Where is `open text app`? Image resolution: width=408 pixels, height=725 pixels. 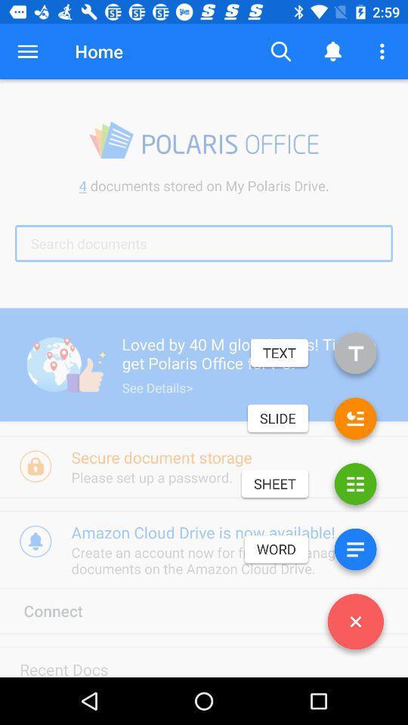 open text app is located at coordinates (355, 356).